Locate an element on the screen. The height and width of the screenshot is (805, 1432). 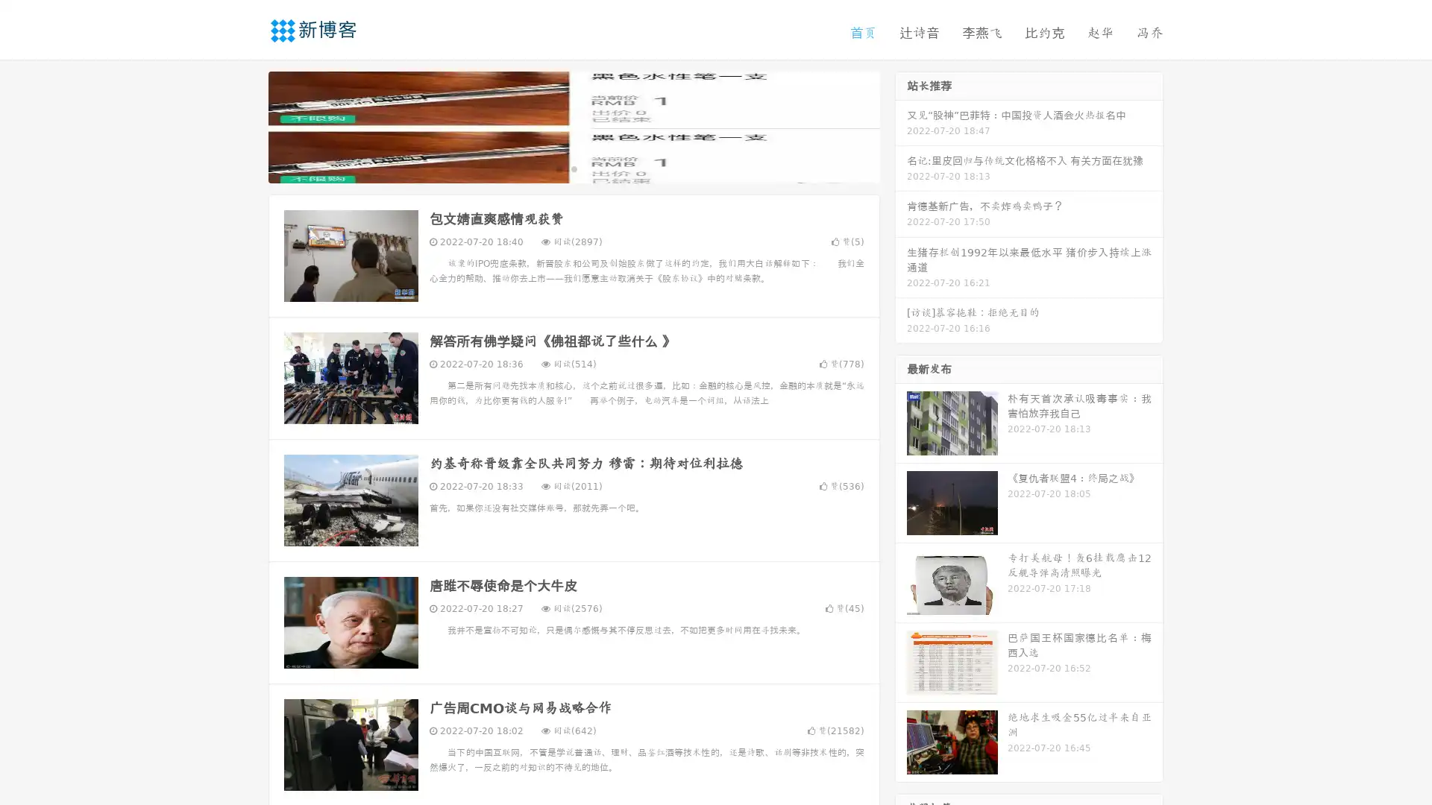
Go to slide 1 is located at coordinates (558, 168).